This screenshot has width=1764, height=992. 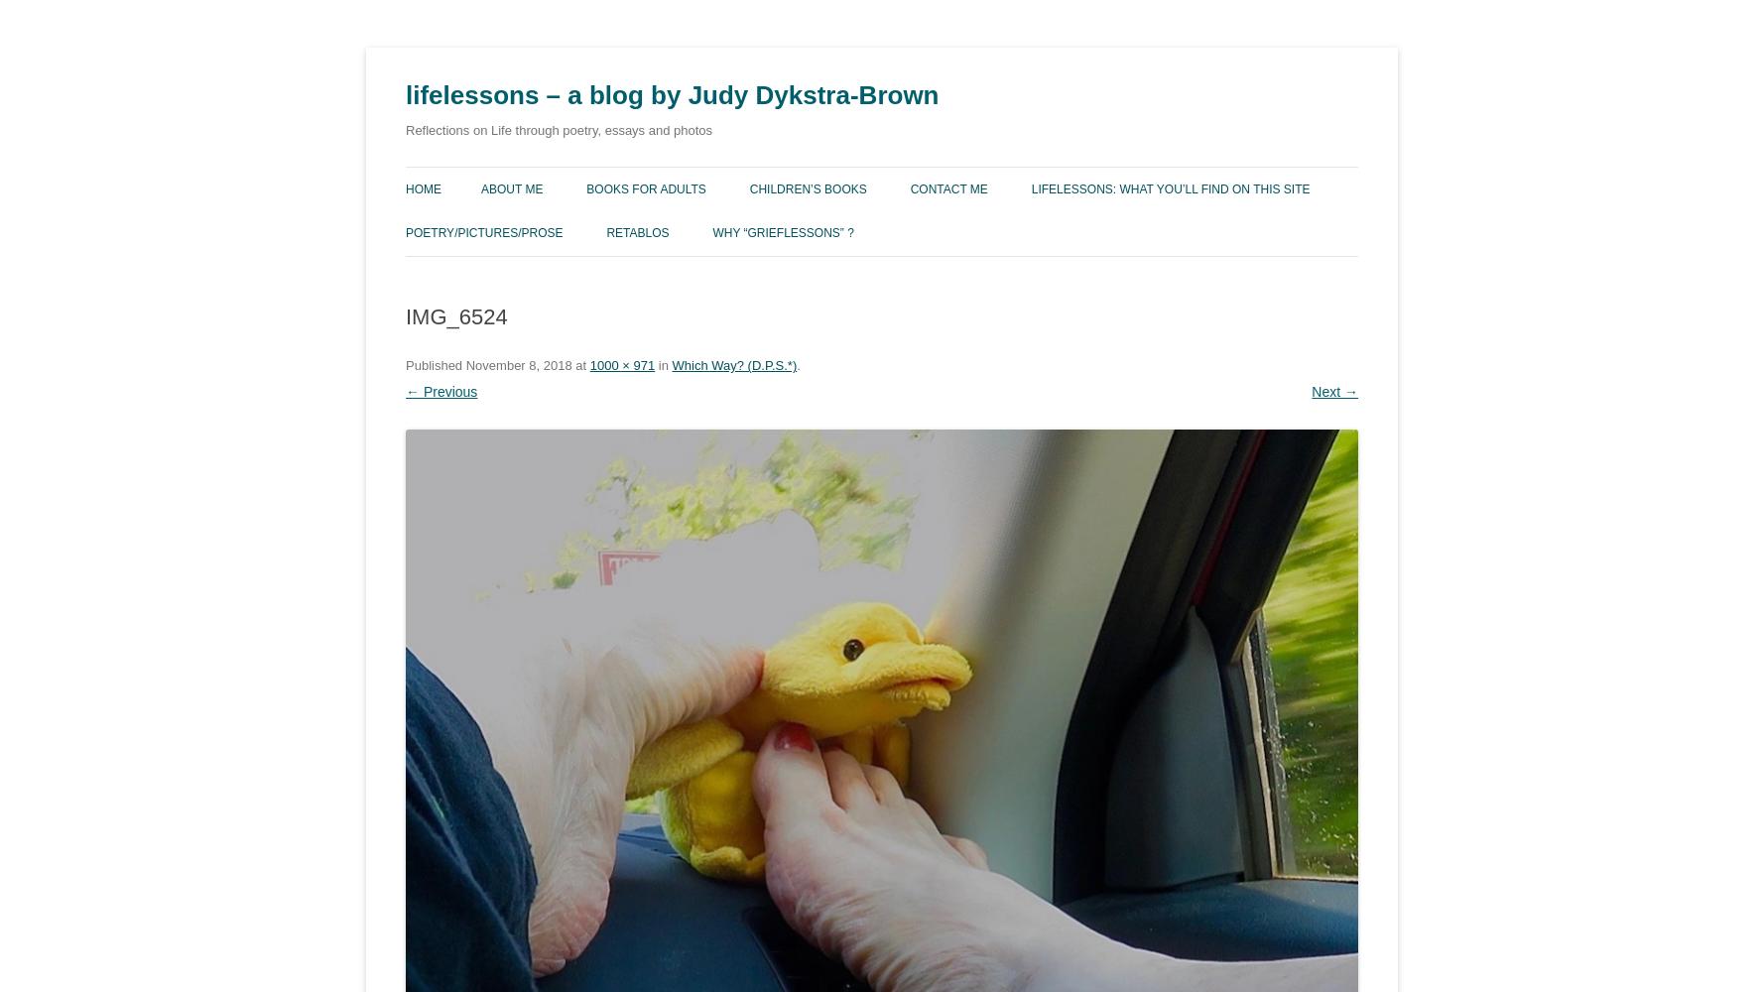 I want to click on 'Contact Me', so click(x=909, y=188).